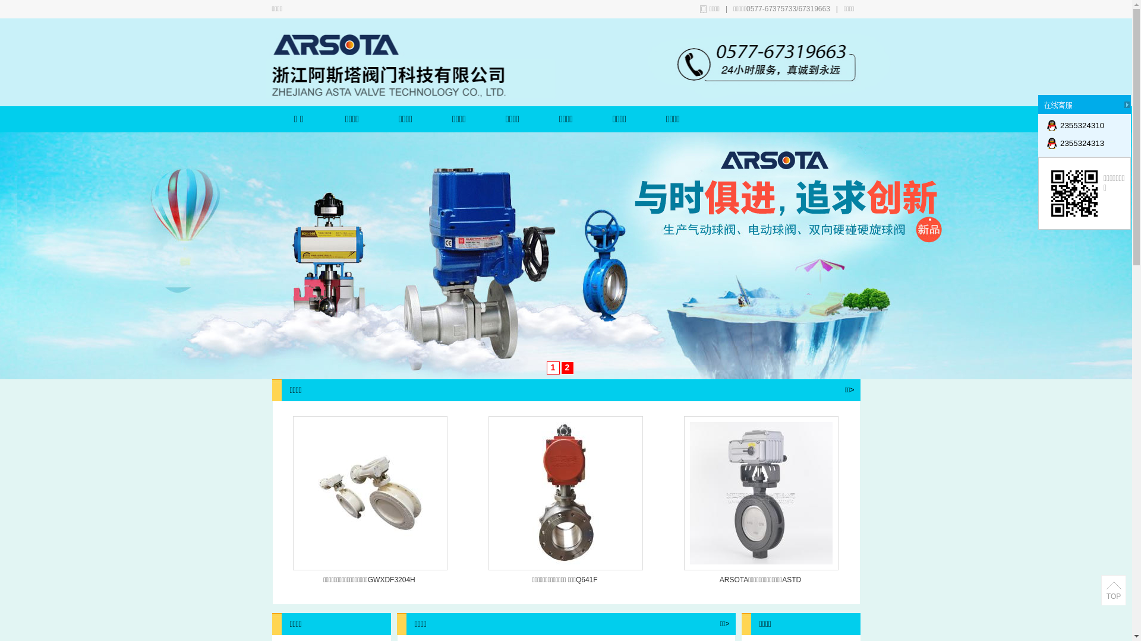 This screenshot has height=641, width=1141. I want to click on 'TOP', so click(1112, 596).